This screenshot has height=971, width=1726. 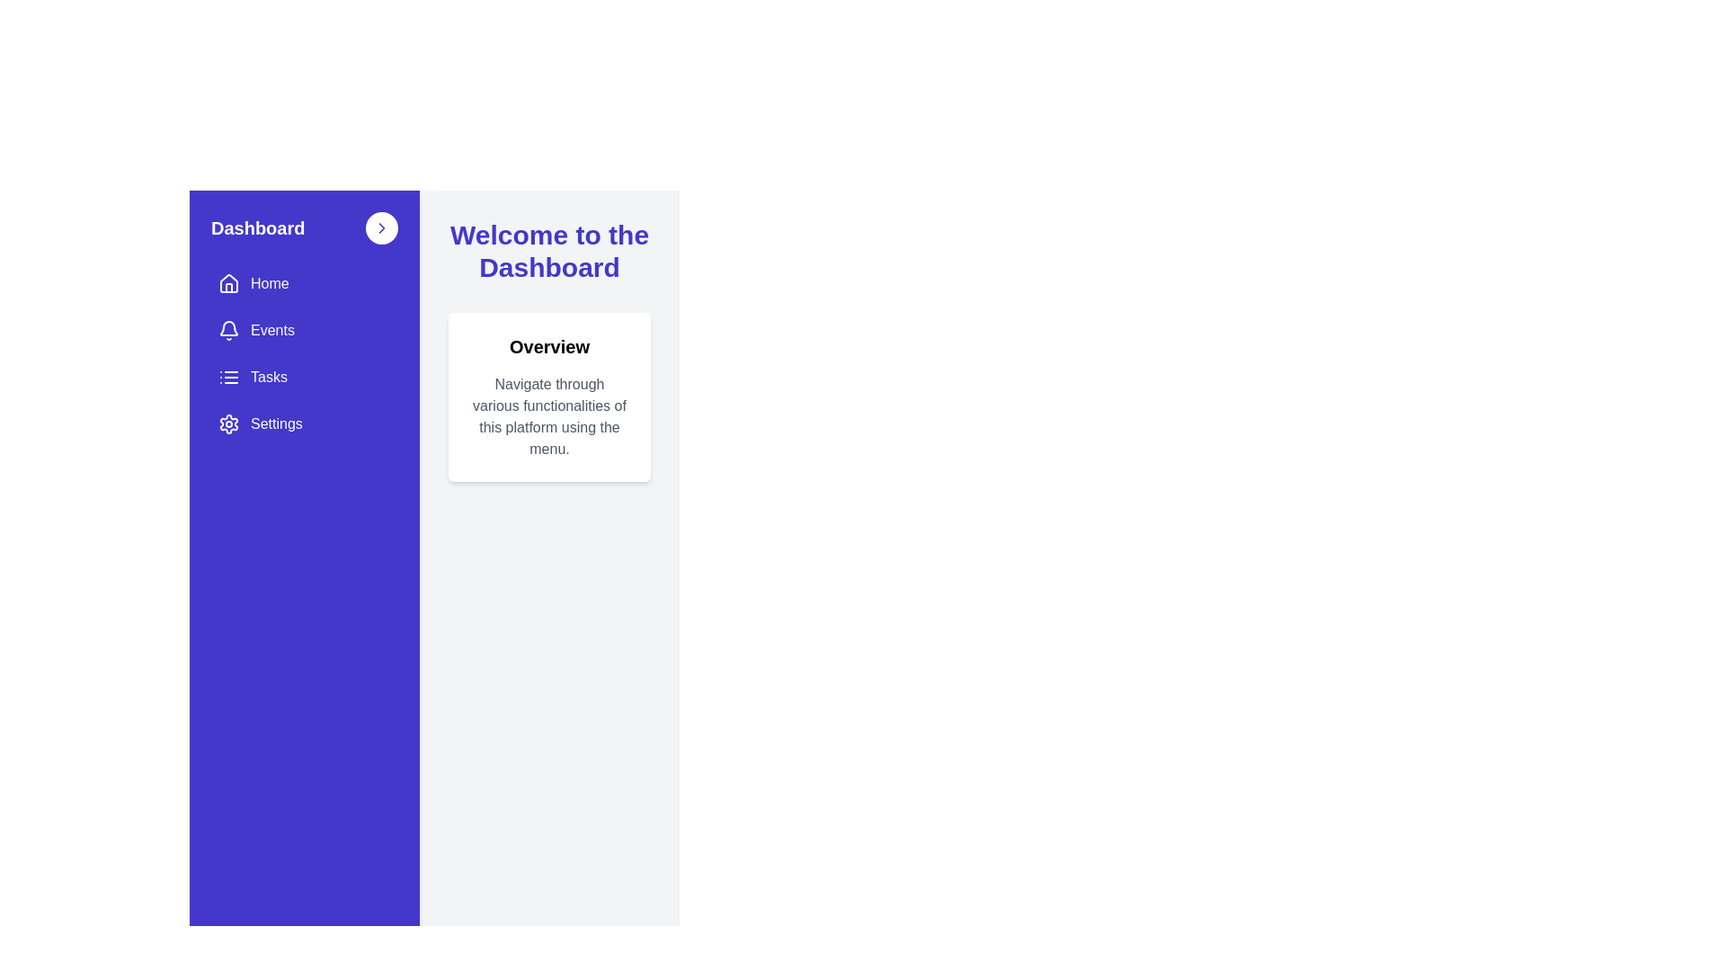 What do you see at coordinates (227, 423) in the screenshot?
I see `the settings icon located at the bottom of the vertical navigation bar on the left side of the interface` at bounding box center [227, 423].